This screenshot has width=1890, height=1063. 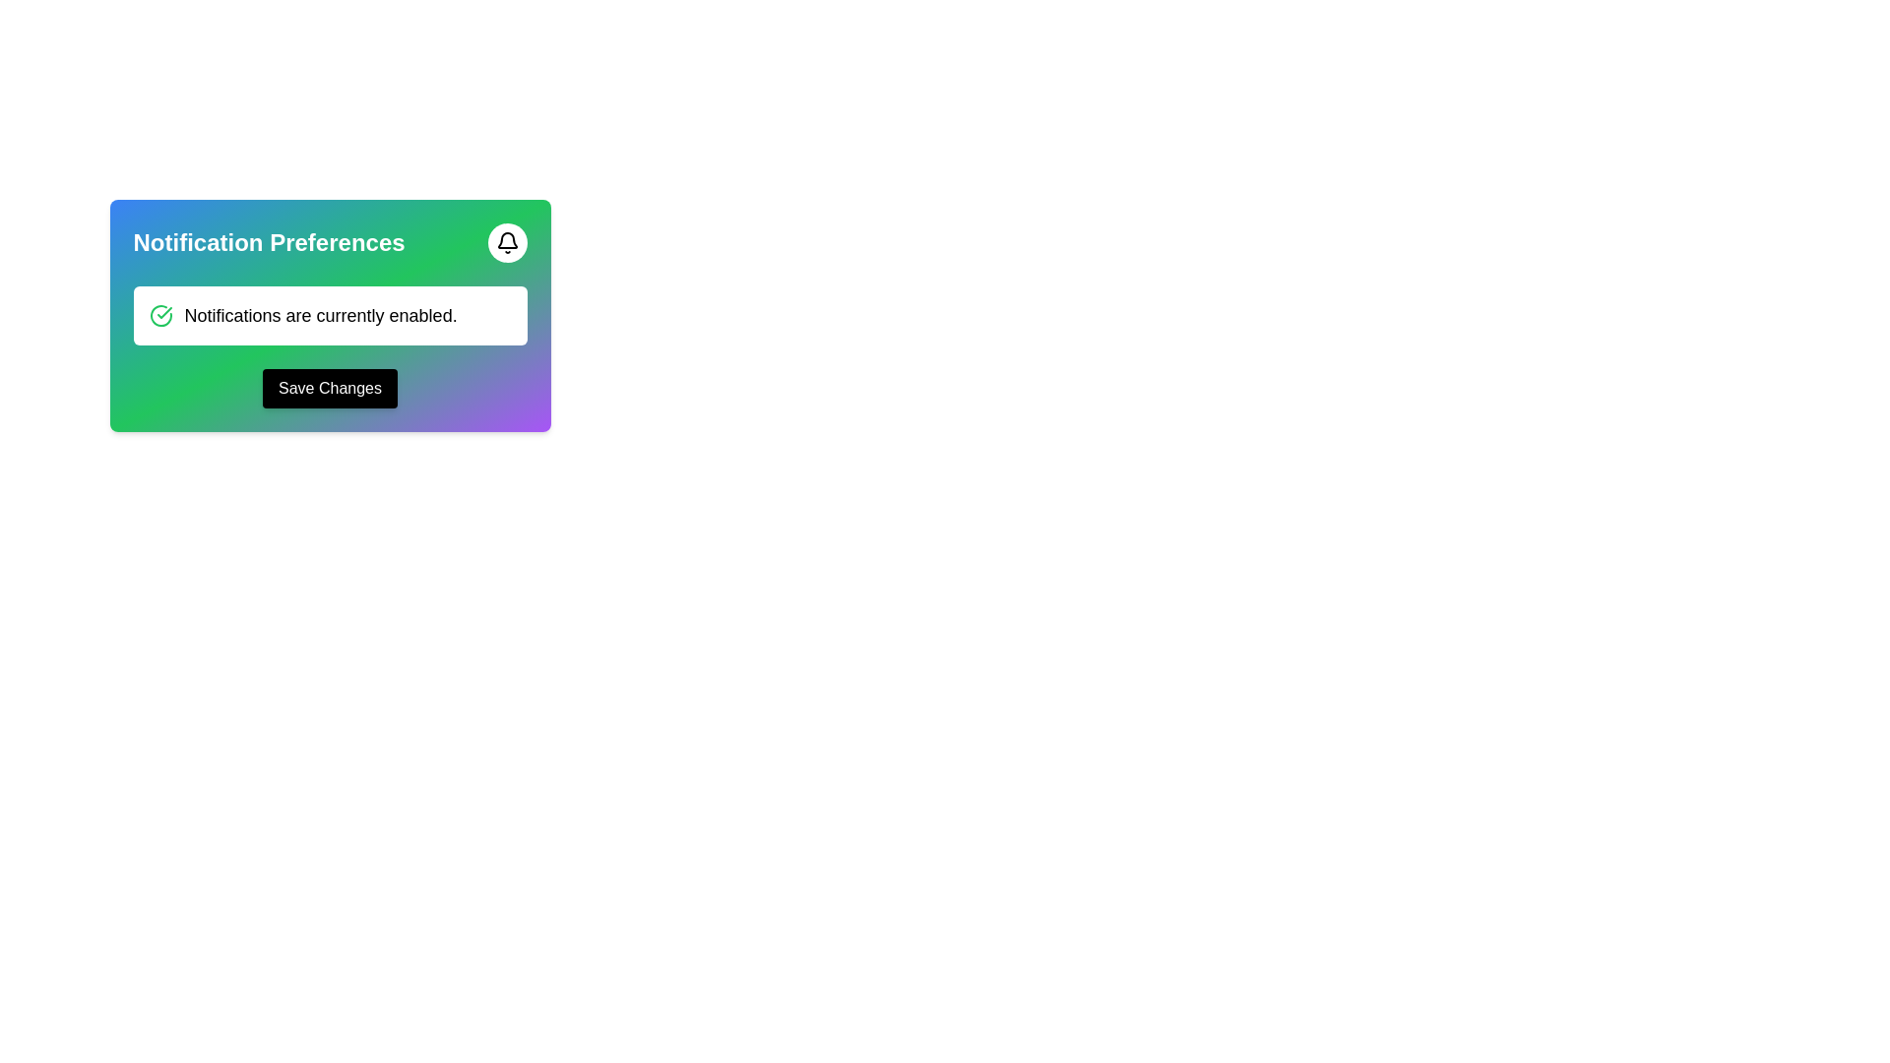 I want to click on the 'Save Changes' button, which is a rectangular button with white text on a black background, located within a rounded-corner panel below the notifications label, so click(x=330, y=388).